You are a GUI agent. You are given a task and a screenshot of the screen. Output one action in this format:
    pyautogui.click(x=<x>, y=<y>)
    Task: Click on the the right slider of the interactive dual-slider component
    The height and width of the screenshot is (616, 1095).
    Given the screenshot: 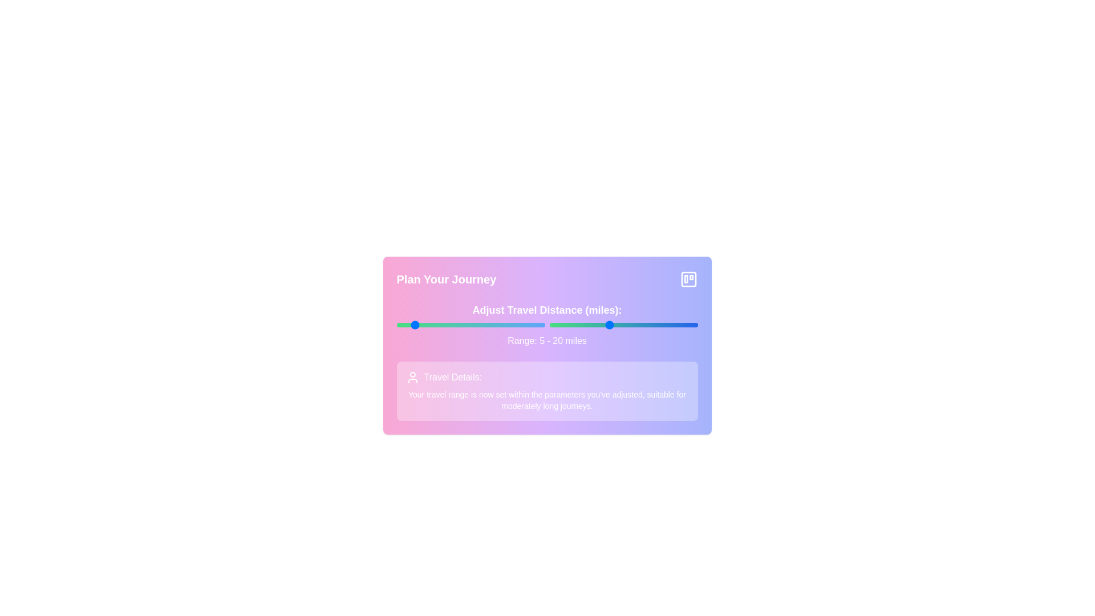 What is the action you would take?
    pyautogui.click(x=546, y=325)
    